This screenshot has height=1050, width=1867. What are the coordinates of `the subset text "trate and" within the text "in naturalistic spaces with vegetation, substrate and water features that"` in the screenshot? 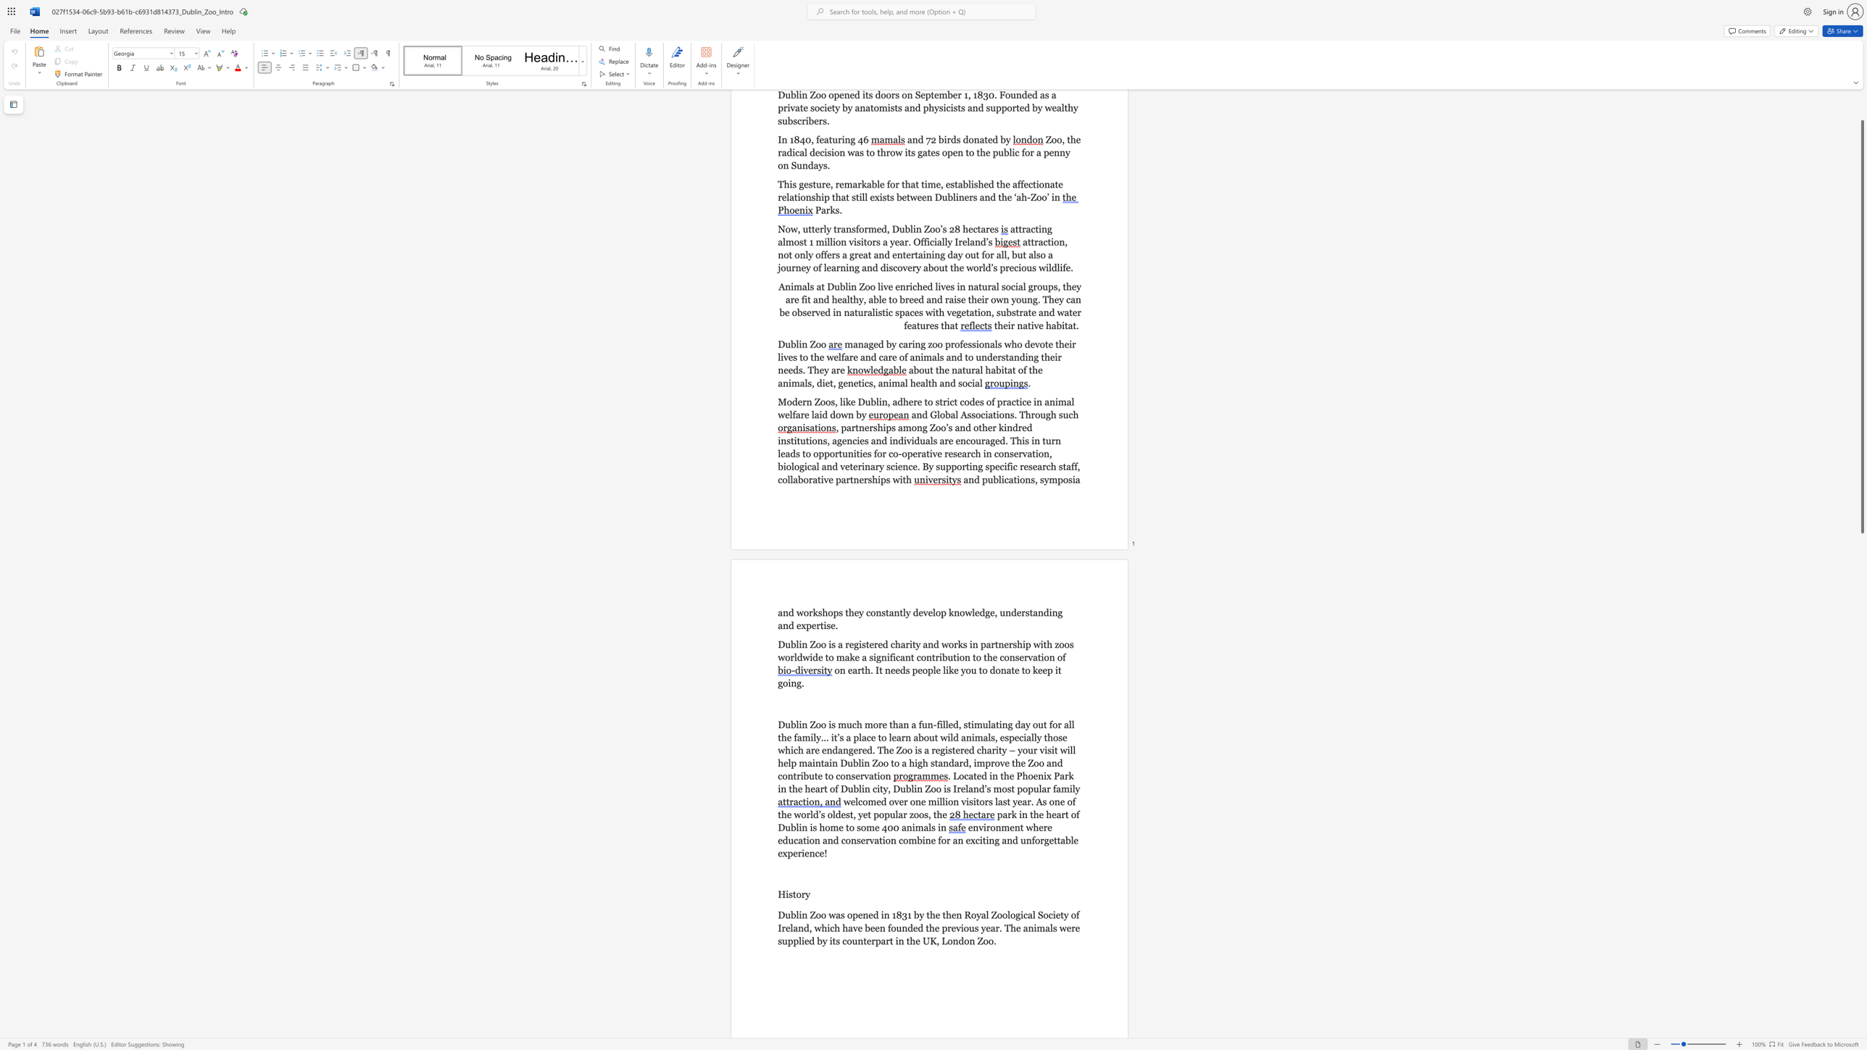 It's located at (1015, 312).